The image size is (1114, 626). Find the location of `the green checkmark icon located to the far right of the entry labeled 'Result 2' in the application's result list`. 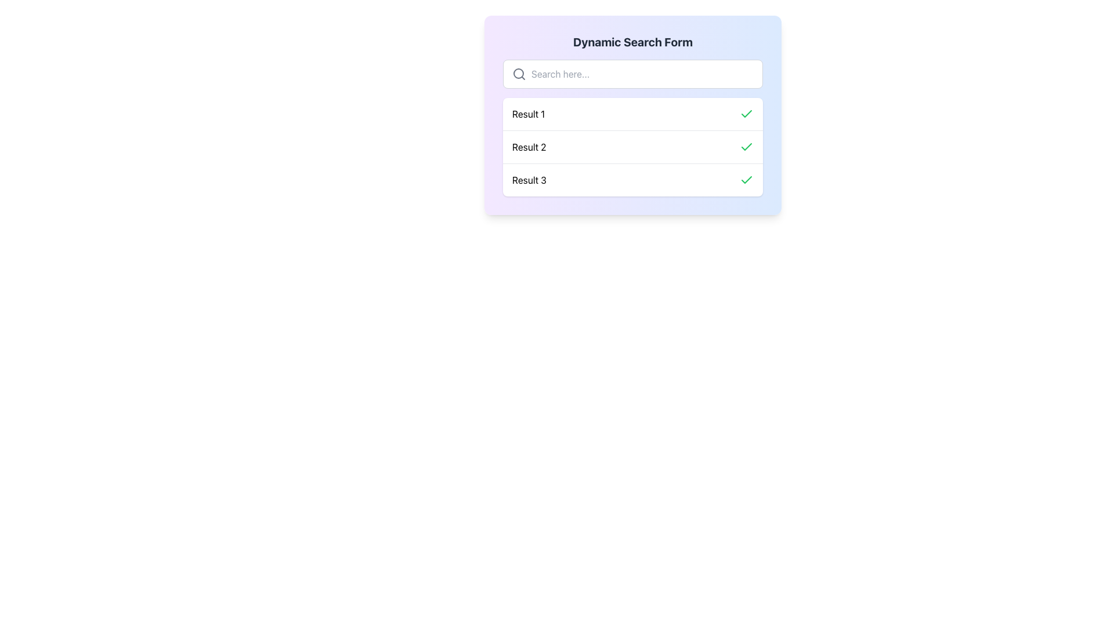

the green checkmark icon located to the far right of the entry labeled 'Result 2' in the application's result list is located at coordinates (746, 180).